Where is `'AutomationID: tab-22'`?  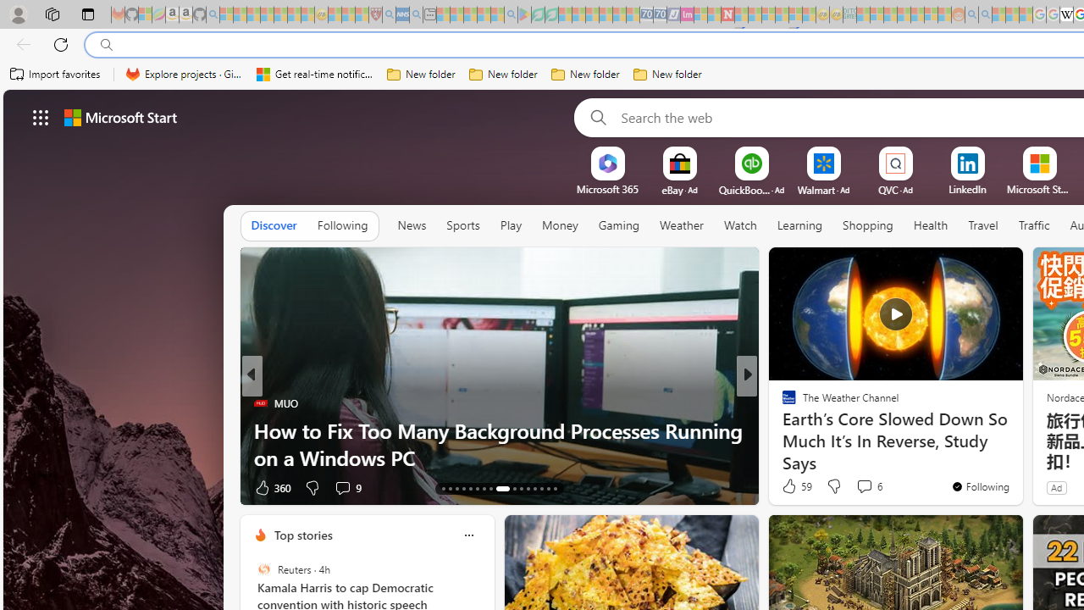
'AutomationID: tab-22' is located at coordinates (513, 489).